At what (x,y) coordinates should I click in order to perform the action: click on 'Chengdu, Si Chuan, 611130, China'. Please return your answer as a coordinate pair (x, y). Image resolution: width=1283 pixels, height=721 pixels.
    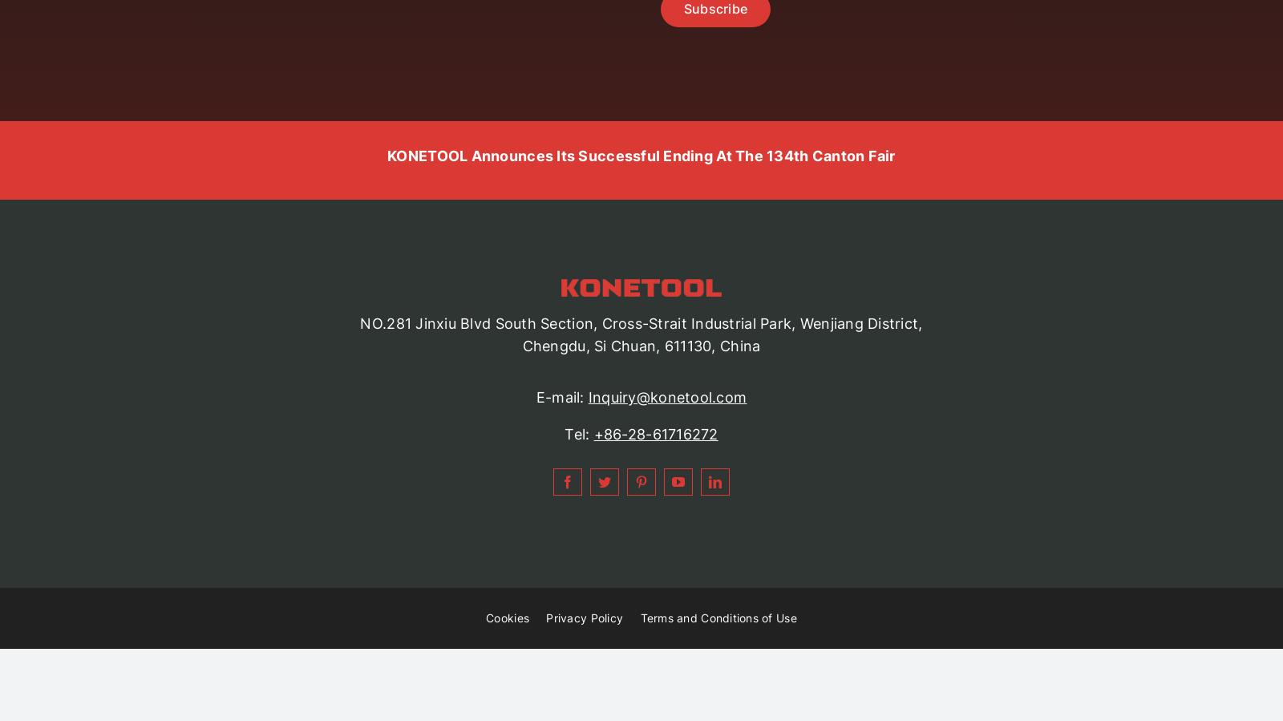
    Looking at the image, I should click on (641, 345).